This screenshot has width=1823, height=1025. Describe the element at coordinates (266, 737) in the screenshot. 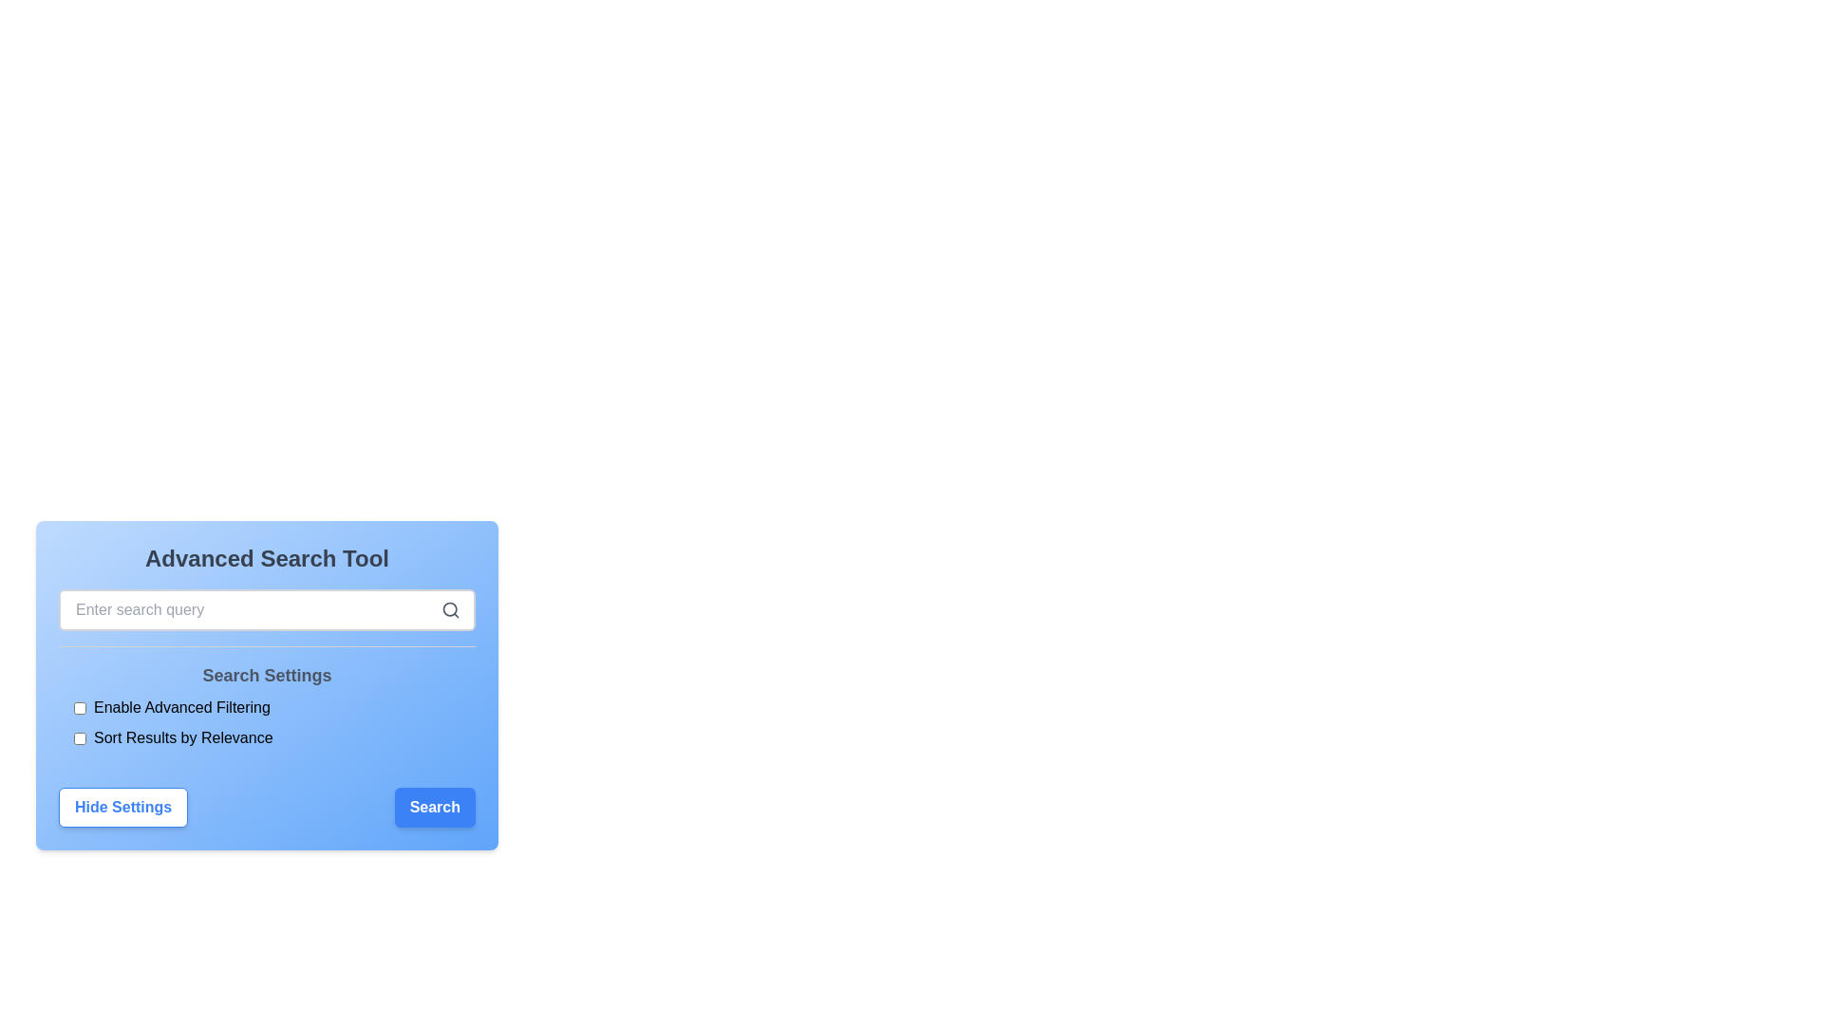

I see `the checkbox labeled 'Sort Results by Relevance'` at that location.